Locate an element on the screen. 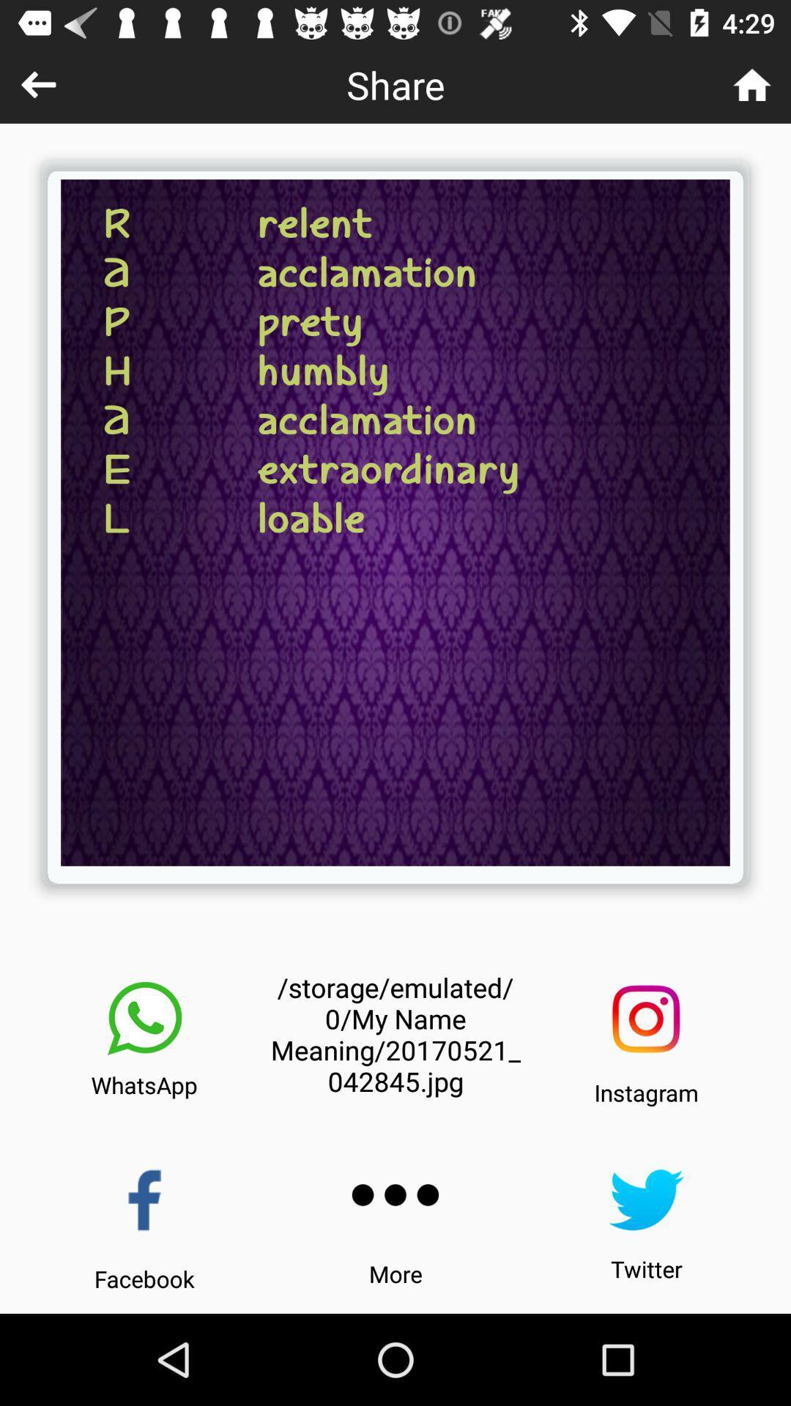 The height and width of the screenshot is (1406, 791). the item next to share is located at coordinates (37, 83).